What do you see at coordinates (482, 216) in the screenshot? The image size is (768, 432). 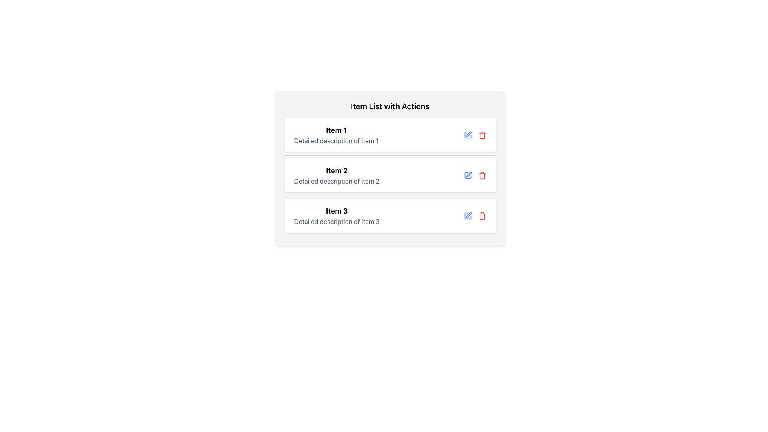 I see `the red trash bin button located in the action bar of the third list item, which is the rightmost icon next to the blue edit icon` at bounding box center [482, 216].